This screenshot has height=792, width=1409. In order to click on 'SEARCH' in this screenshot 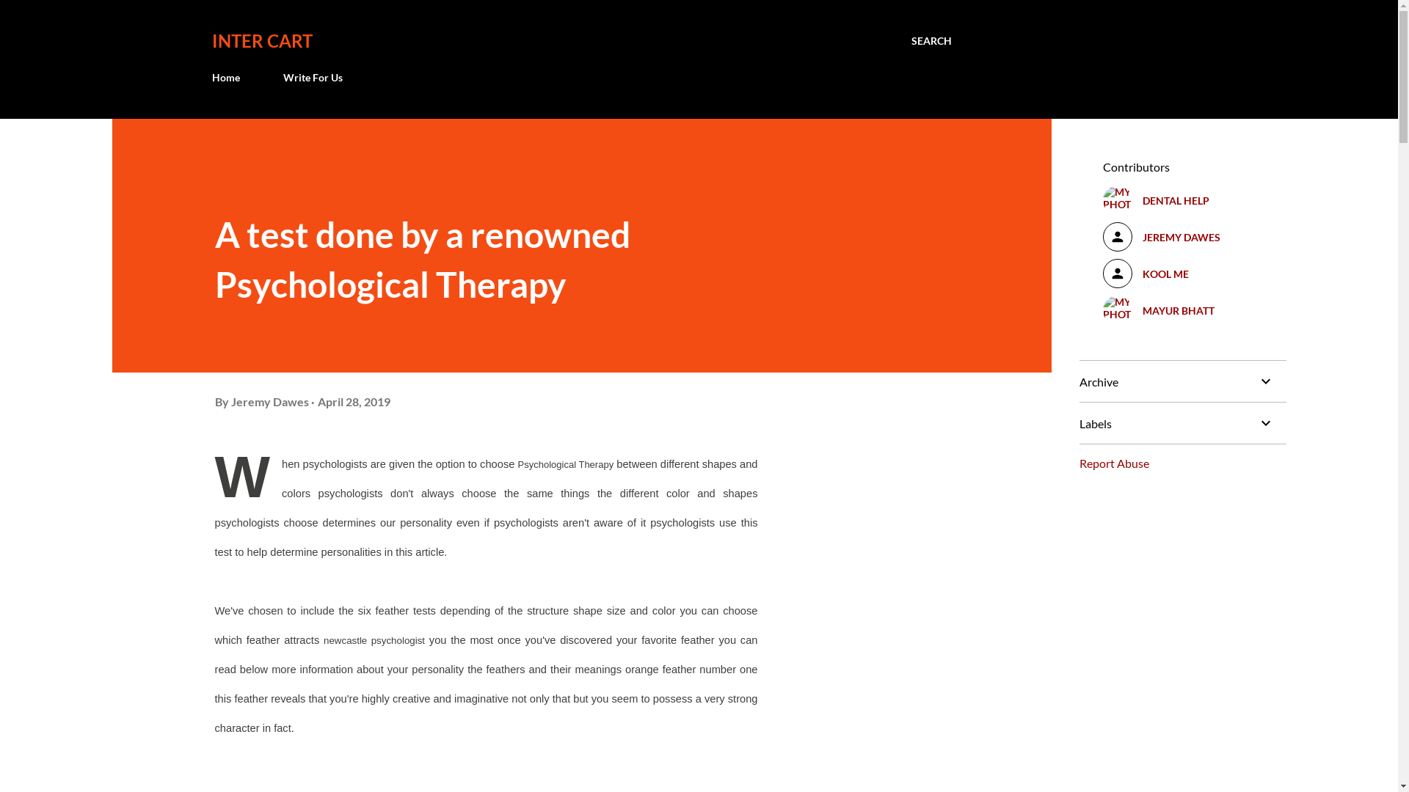, I will do `click(931, 40)`.